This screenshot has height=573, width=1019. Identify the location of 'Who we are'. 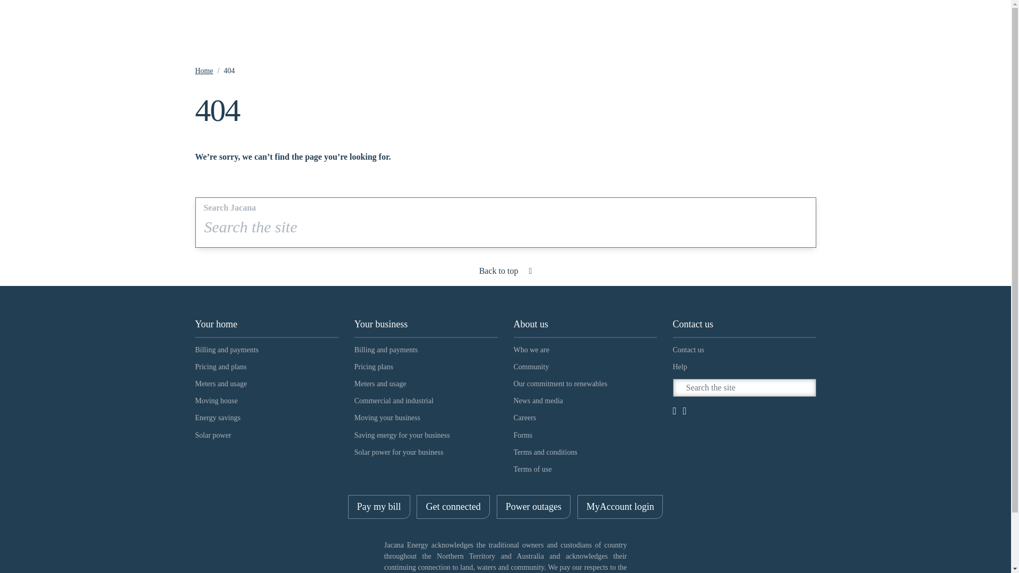
(585, 350).